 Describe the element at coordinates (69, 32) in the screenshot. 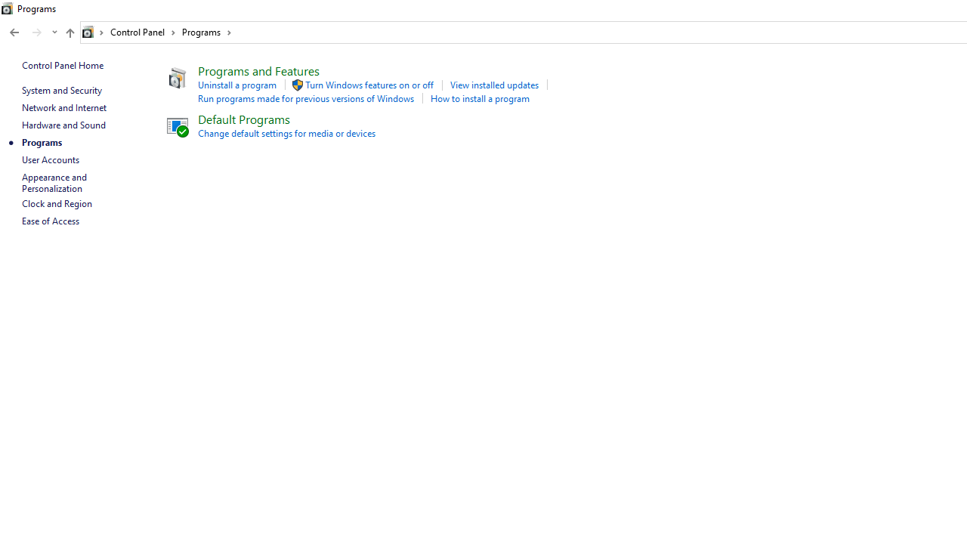

I see `'Up to "Control Panel" (Alt + Up Arrow)'` at that location.